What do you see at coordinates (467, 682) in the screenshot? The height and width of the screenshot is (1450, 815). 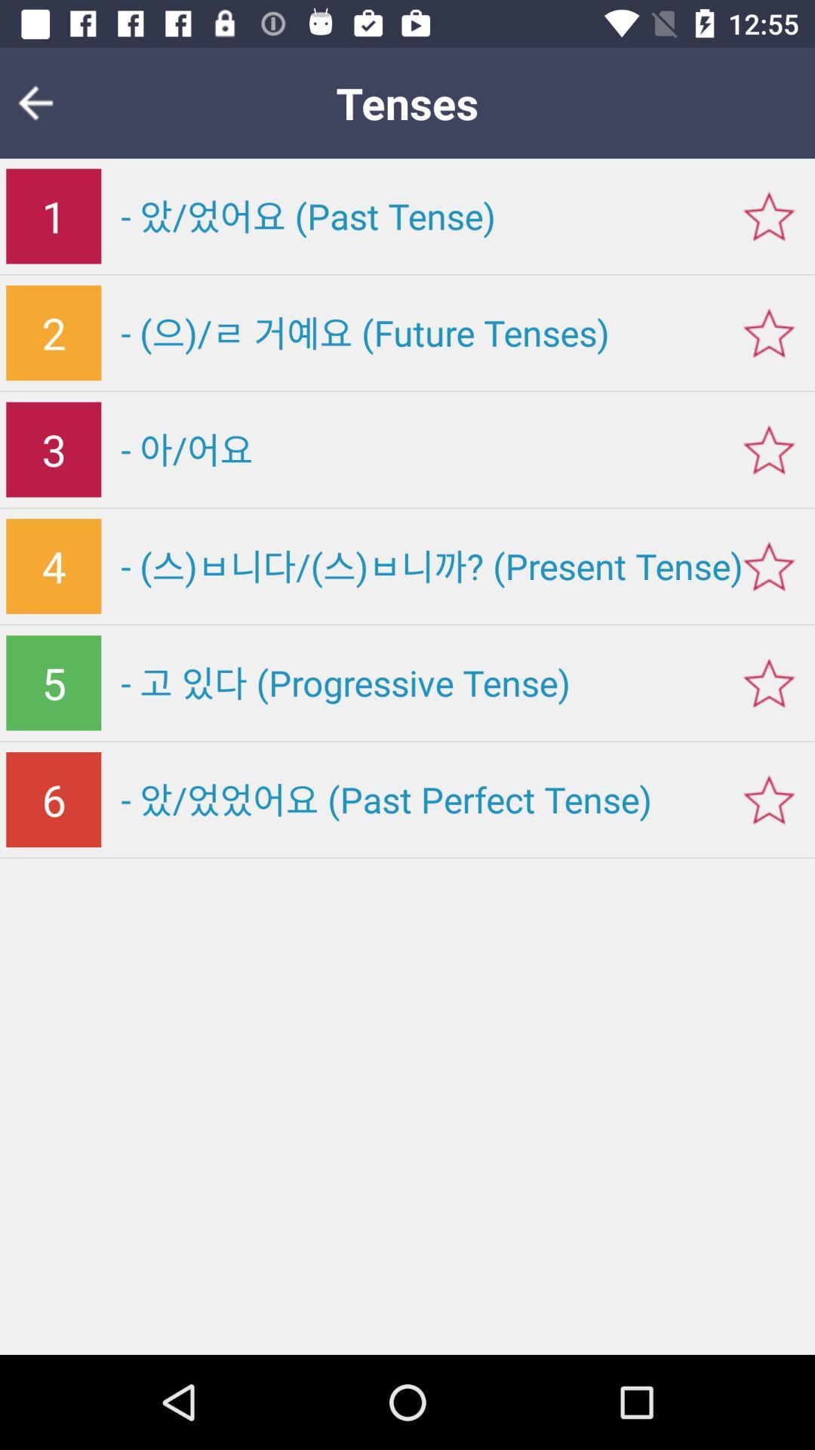 I see `icon to the right of 5` at bounding box center [467, 682].